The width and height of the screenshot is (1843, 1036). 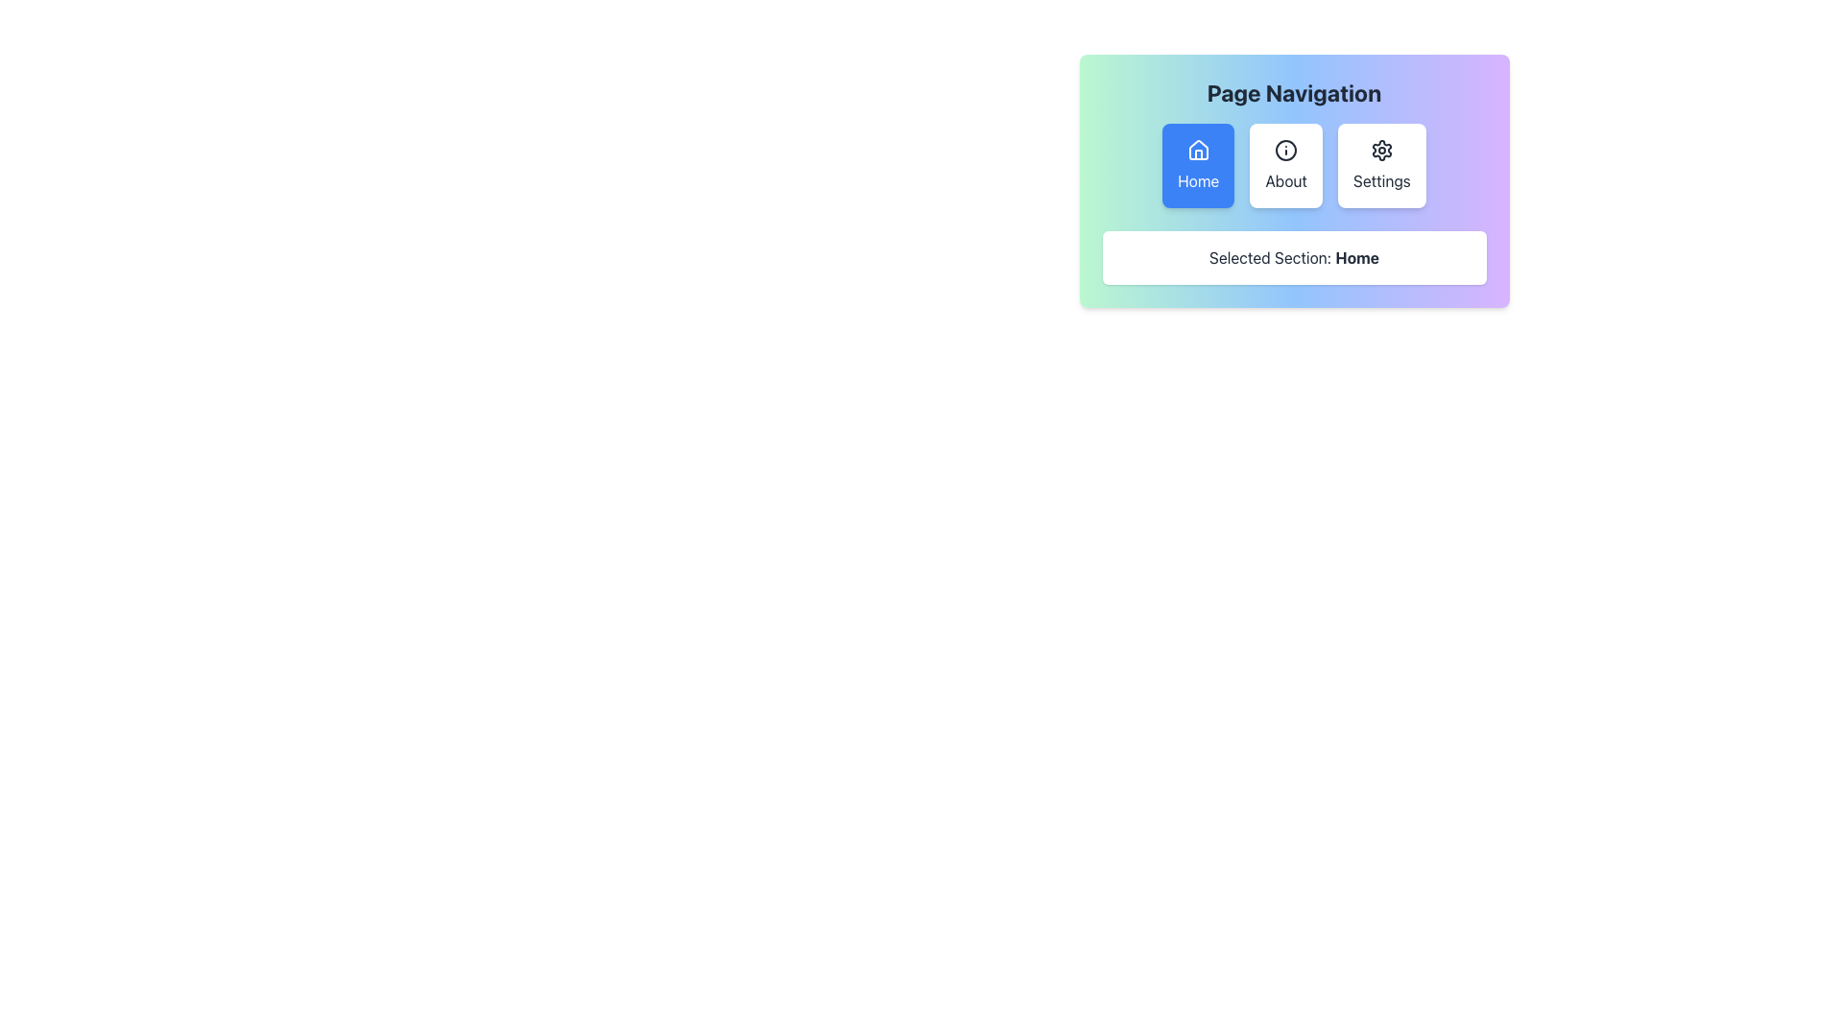 What do you see at coordinates (1294, 257) in the screenshot?
I see `the Text Display element that shows 'Selected Section: Home', which is a rectangular section with a white background and rounded corners located below the navigation panel` at bounding box center [1294, 257].